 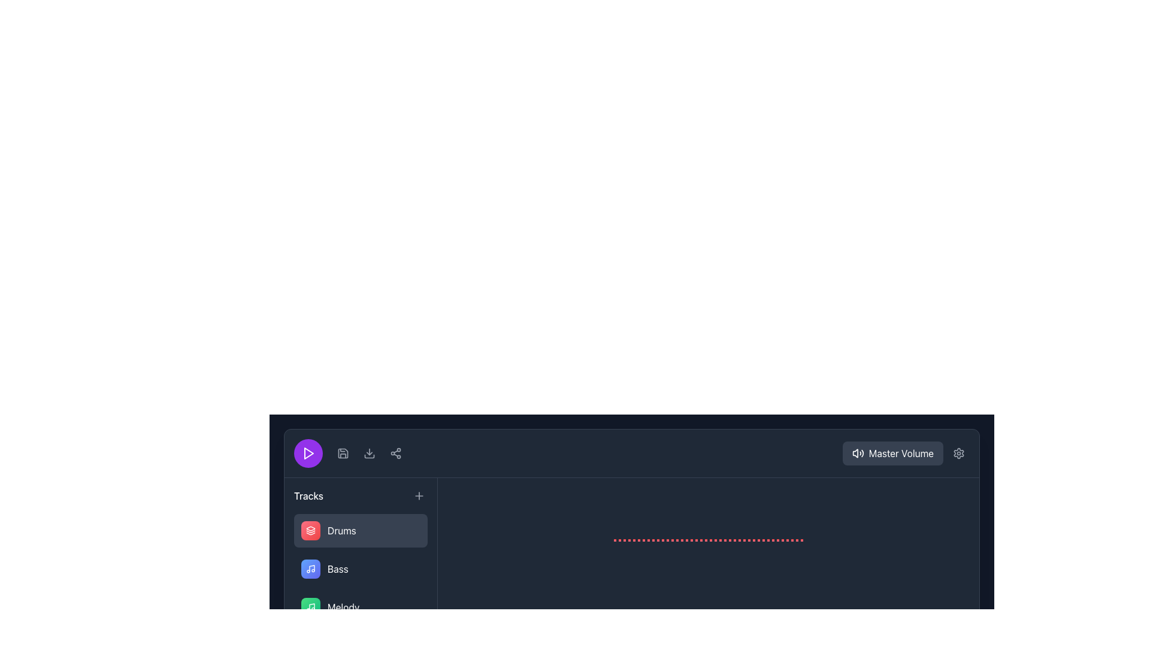 I want to click on adjacent elements based on the Text label displaying 'Bass' in white text, positioned below the track titled 'Drums' in the sidebar of the music application, so click(x=337, y=568).